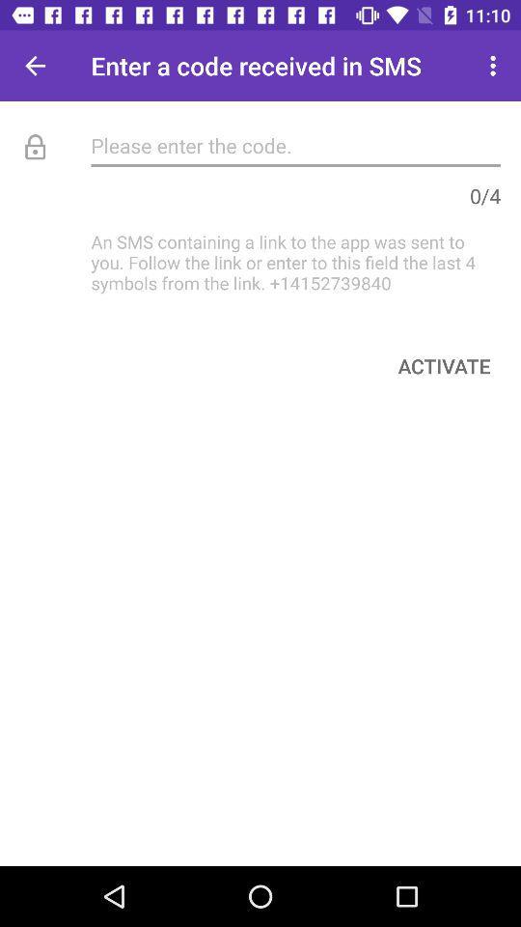 This screenshot has height=927, width=521. Describe the element at coordinates (35, 66) in the screenshot. I see `prewies` at that location.